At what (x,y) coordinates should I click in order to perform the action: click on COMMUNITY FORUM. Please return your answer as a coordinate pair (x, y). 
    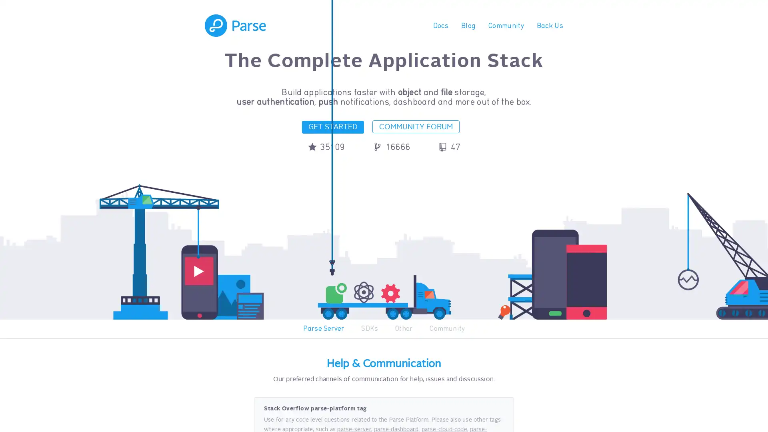
    Looking at the image, I should click on (416, 126).